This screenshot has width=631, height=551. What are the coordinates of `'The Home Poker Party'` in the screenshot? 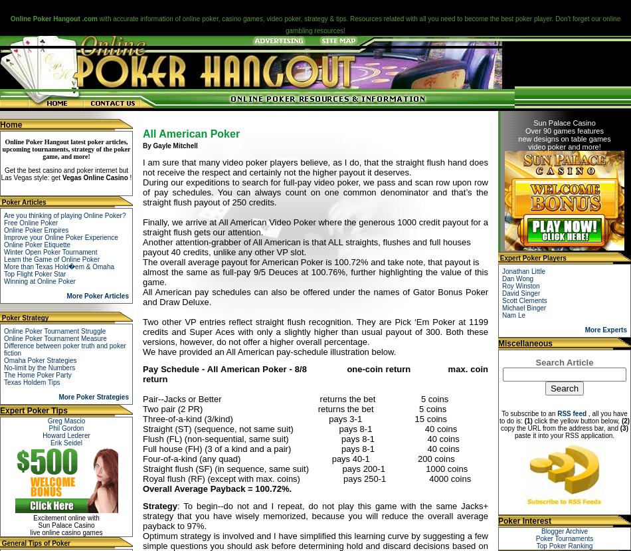 It's located at (37, 375).